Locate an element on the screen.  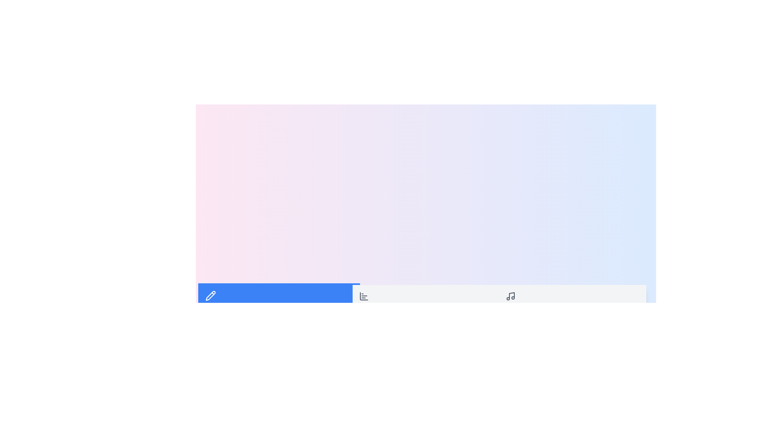
the tab labeled Creative to view its content is located at coordinates (279, 301).